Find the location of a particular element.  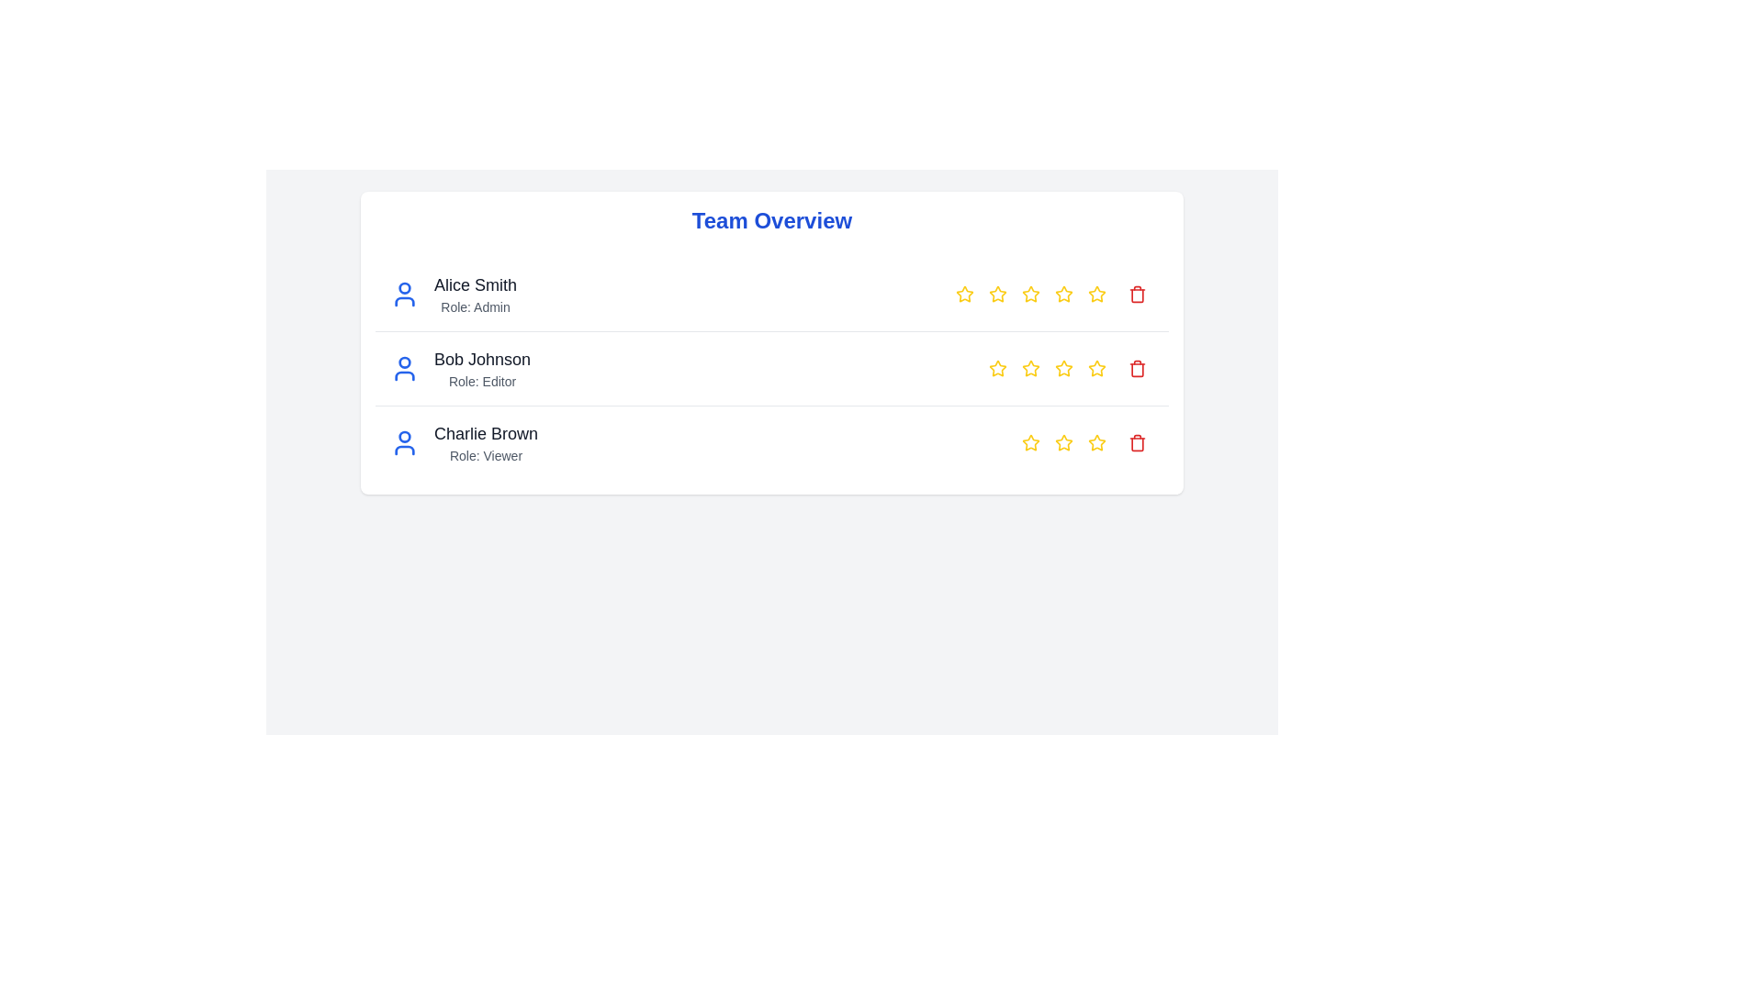

the text label displaying 'Role: Admin' which is located beneath 'Alice Smith' in the team overview list is located at coordinates (476, 306).